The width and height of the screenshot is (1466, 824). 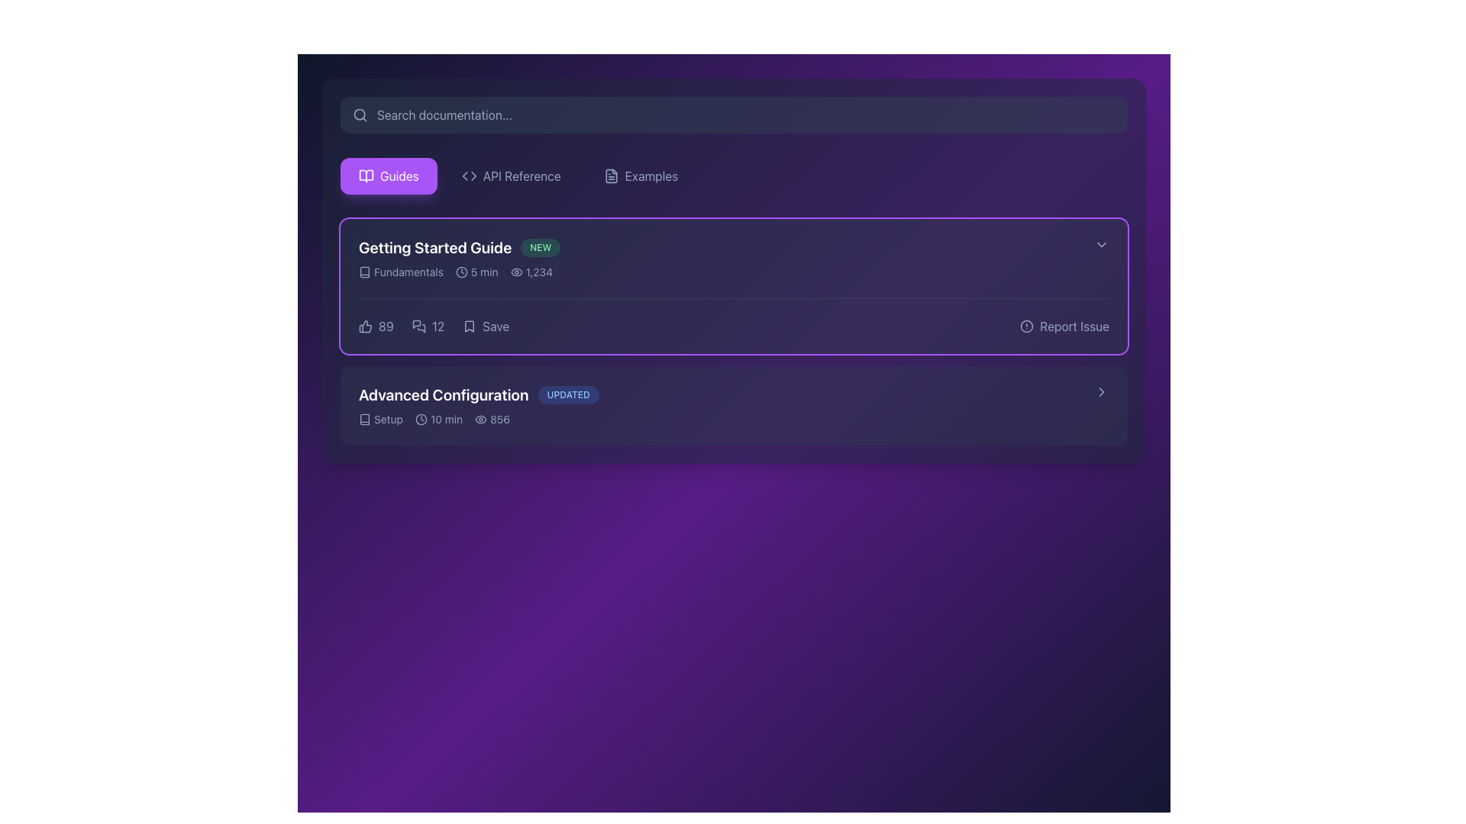 What do you see at coordinates (366, 175) in the screenshot?
I see `the open book icon located within the purple 'Guides' button in the left sidebar navigation menu` at bounding box center [366, 175].